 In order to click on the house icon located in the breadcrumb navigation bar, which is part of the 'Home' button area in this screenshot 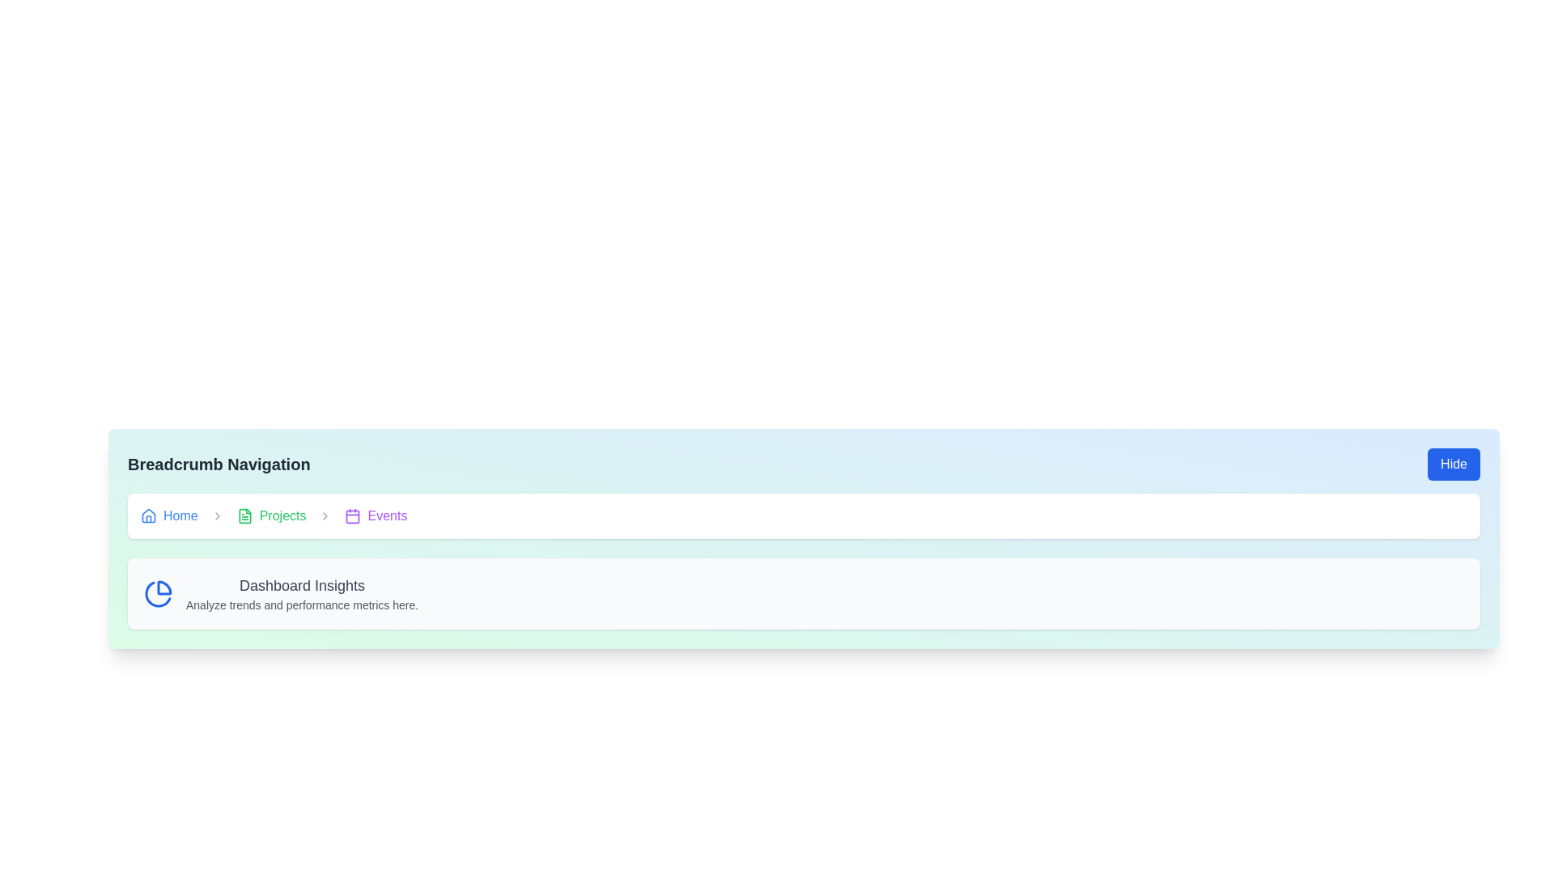, I will do `click(148, 515)`.